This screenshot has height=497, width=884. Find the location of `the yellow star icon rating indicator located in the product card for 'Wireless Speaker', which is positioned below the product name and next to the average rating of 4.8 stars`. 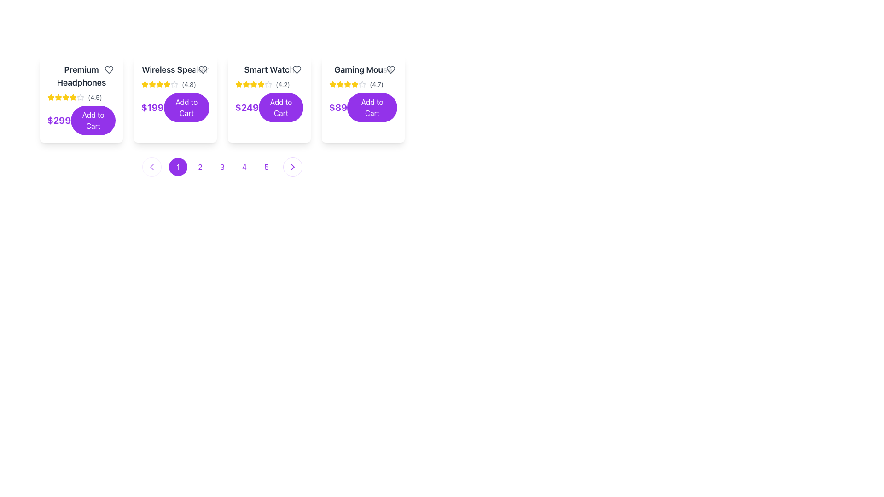

the yellow star icon rating indicator located in the product card for 'Wireless Speaker', which is positioned below the product name and next to the average rating of 4.8 stars is located at coordinates (167, 84).